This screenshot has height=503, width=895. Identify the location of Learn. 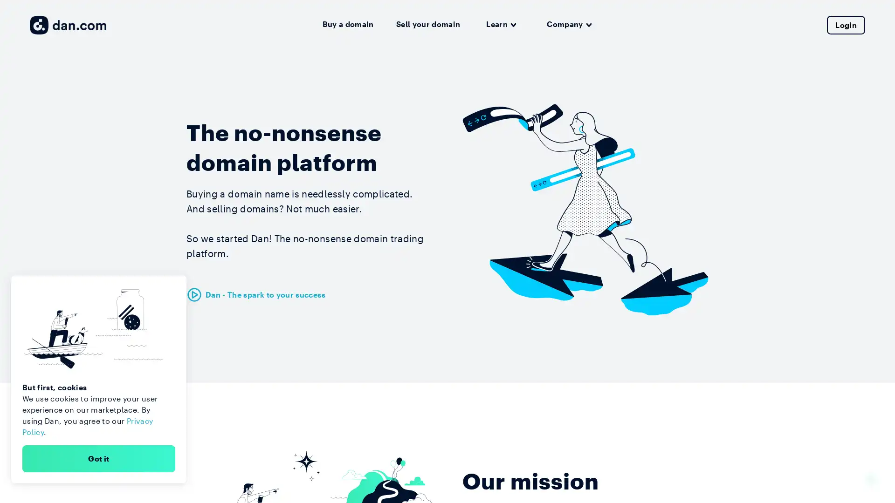
(501, 24).